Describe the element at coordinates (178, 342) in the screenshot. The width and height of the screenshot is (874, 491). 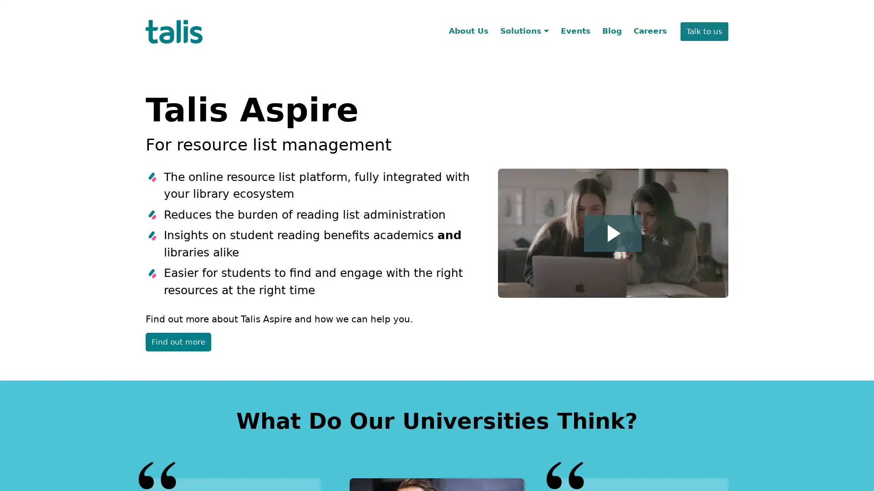
I see `Find out more` at that location.